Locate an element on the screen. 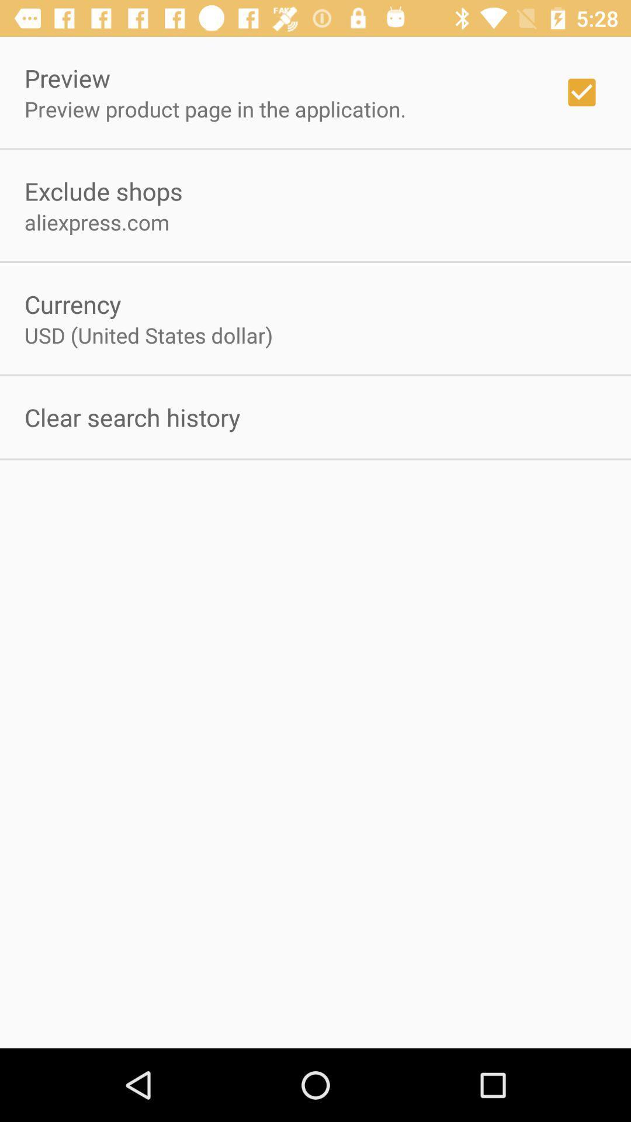 The height and width of the screenshot is (1122, 631). the currency is located at coordinates (72, 304).